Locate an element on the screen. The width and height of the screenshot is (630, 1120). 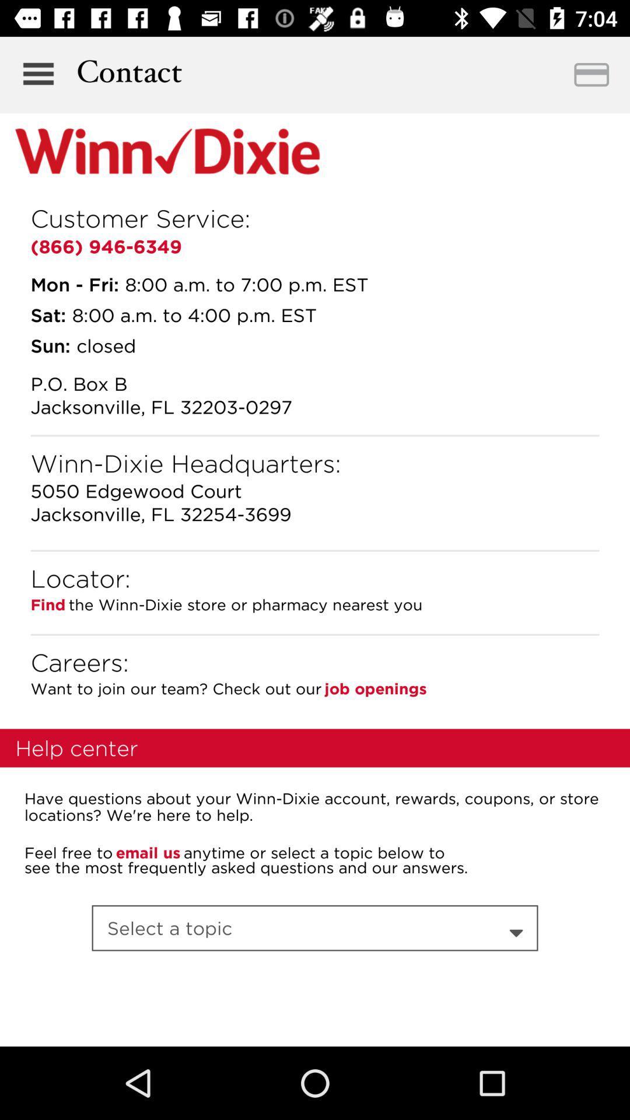
want to join item is located at coordinates (176, 688).